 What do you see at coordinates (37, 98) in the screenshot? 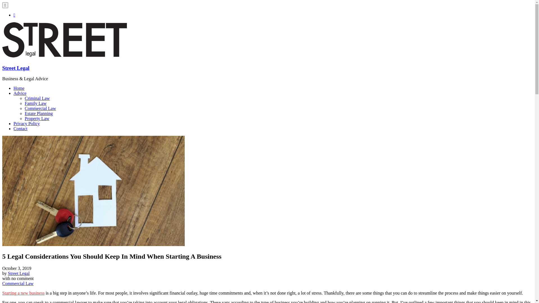
I see `'Criminal Law'` at bounding box center [37, 98].